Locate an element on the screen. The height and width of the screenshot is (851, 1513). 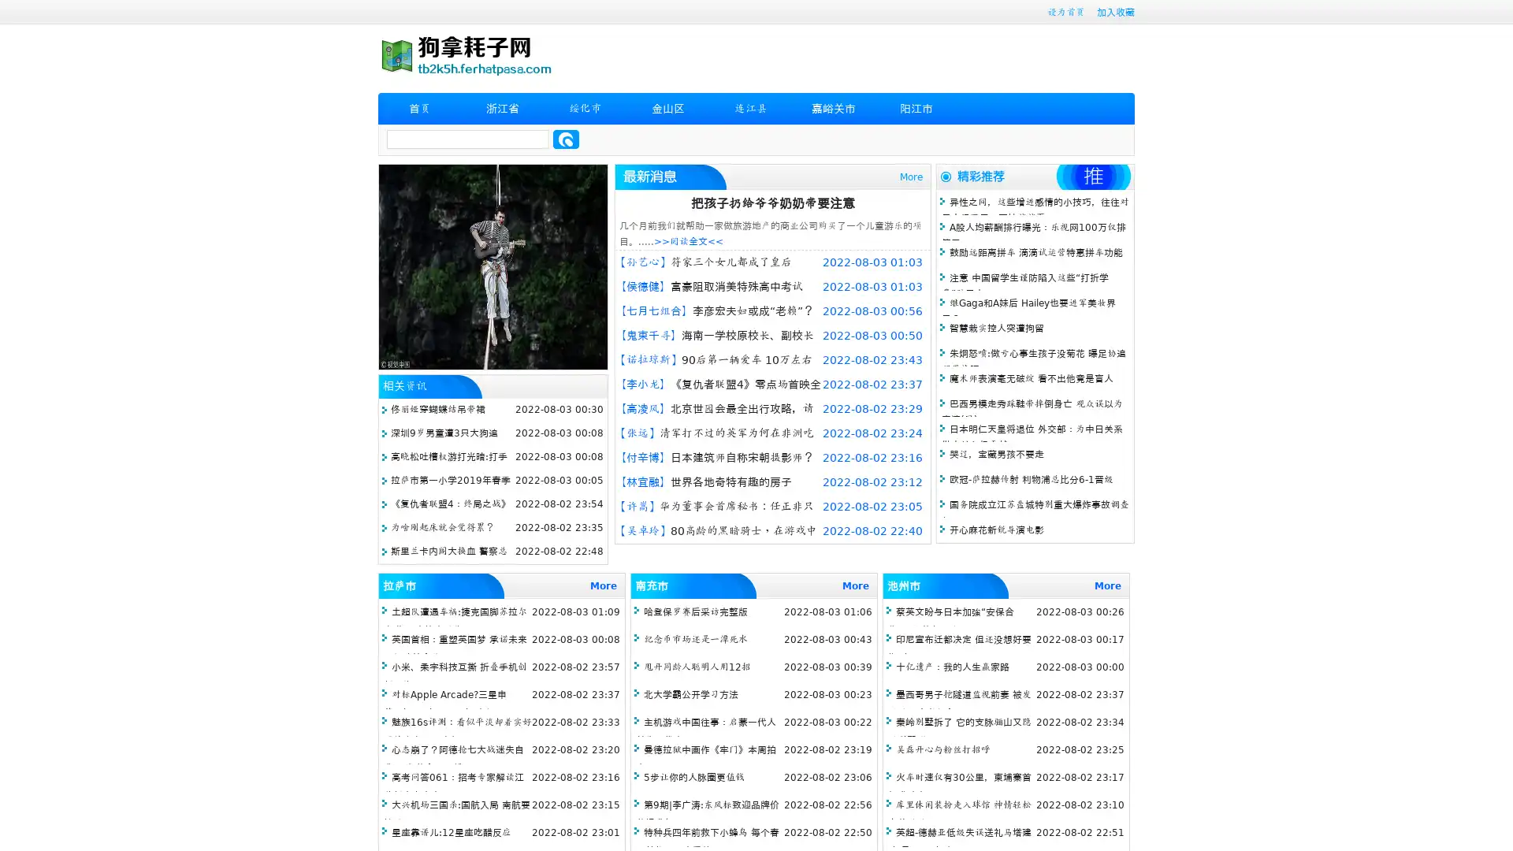
Search is located at coordinates (566, 139).